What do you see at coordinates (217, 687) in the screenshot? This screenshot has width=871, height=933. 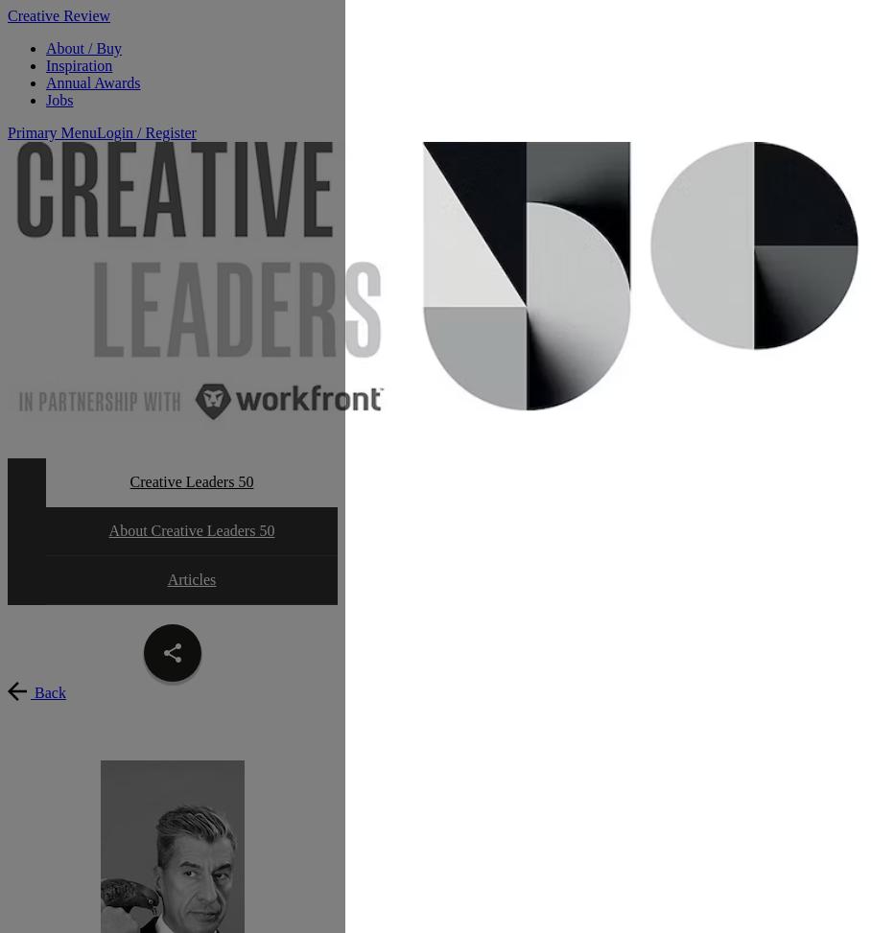 I see `'Facebook'` at bounding box center [217, 687].